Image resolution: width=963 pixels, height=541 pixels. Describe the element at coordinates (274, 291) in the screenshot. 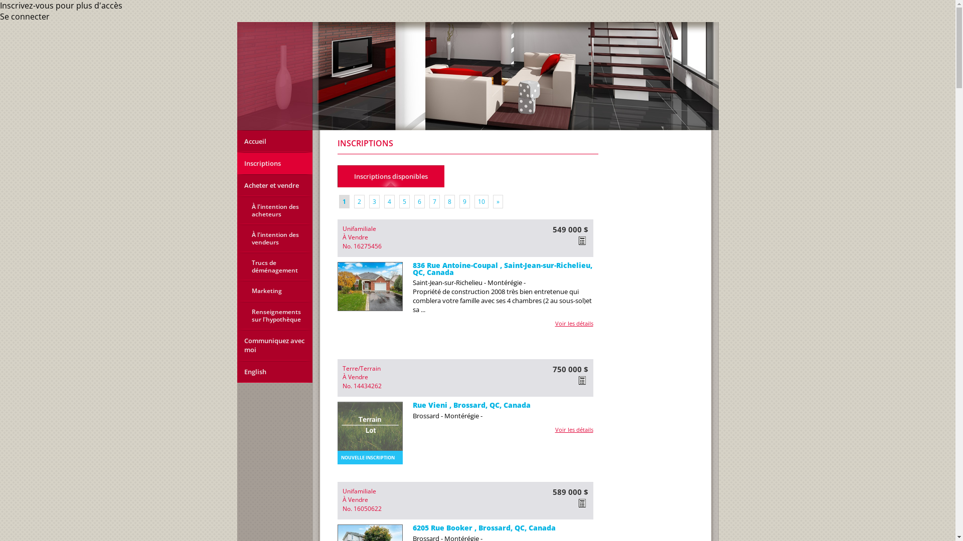

I see `'Marketing'` at that location.